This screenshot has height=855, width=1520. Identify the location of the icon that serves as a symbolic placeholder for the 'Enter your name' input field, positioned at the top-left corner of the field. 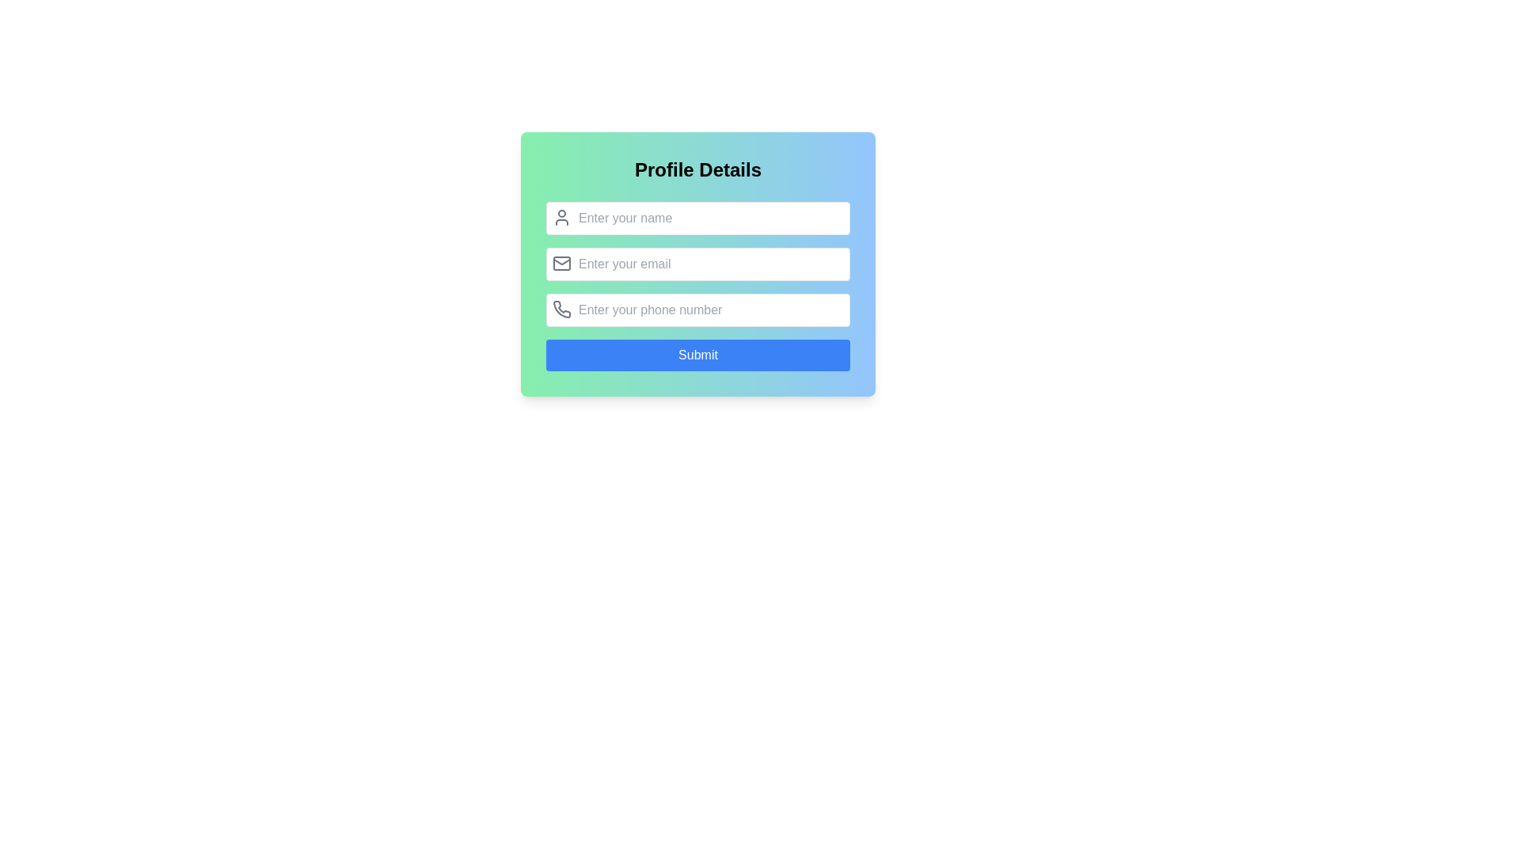
(562, 217).